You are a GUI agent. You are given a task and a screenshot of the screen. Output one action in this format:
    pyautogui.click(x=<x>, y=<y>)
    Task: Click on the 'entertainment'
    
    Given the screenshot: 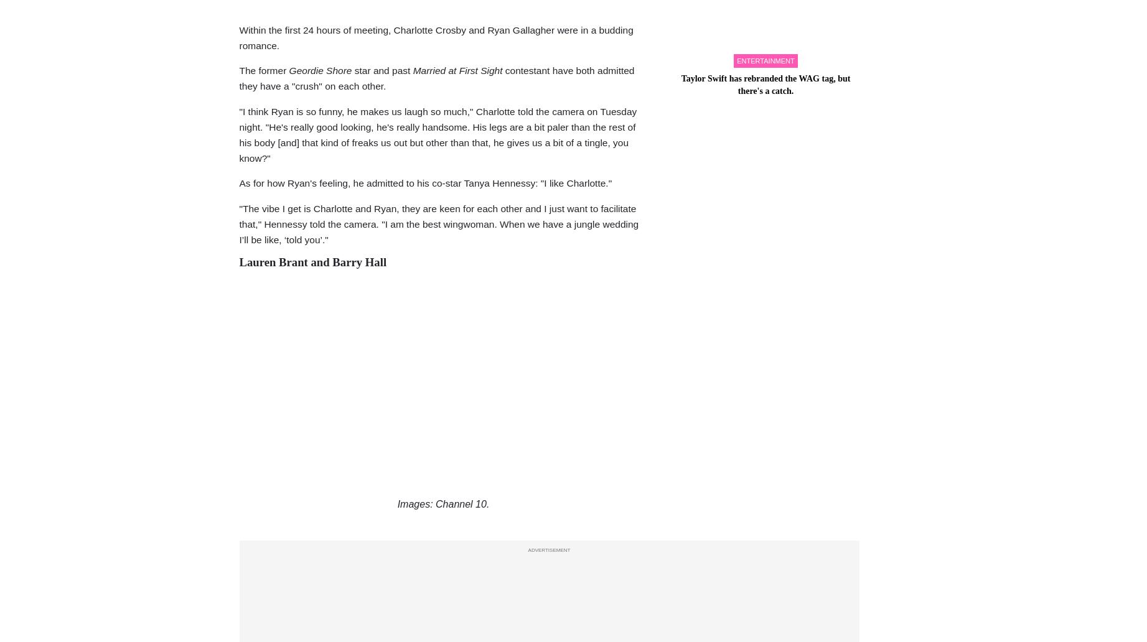 What is the action you would take?
    pyautogui.click(x=765, y=60)
    